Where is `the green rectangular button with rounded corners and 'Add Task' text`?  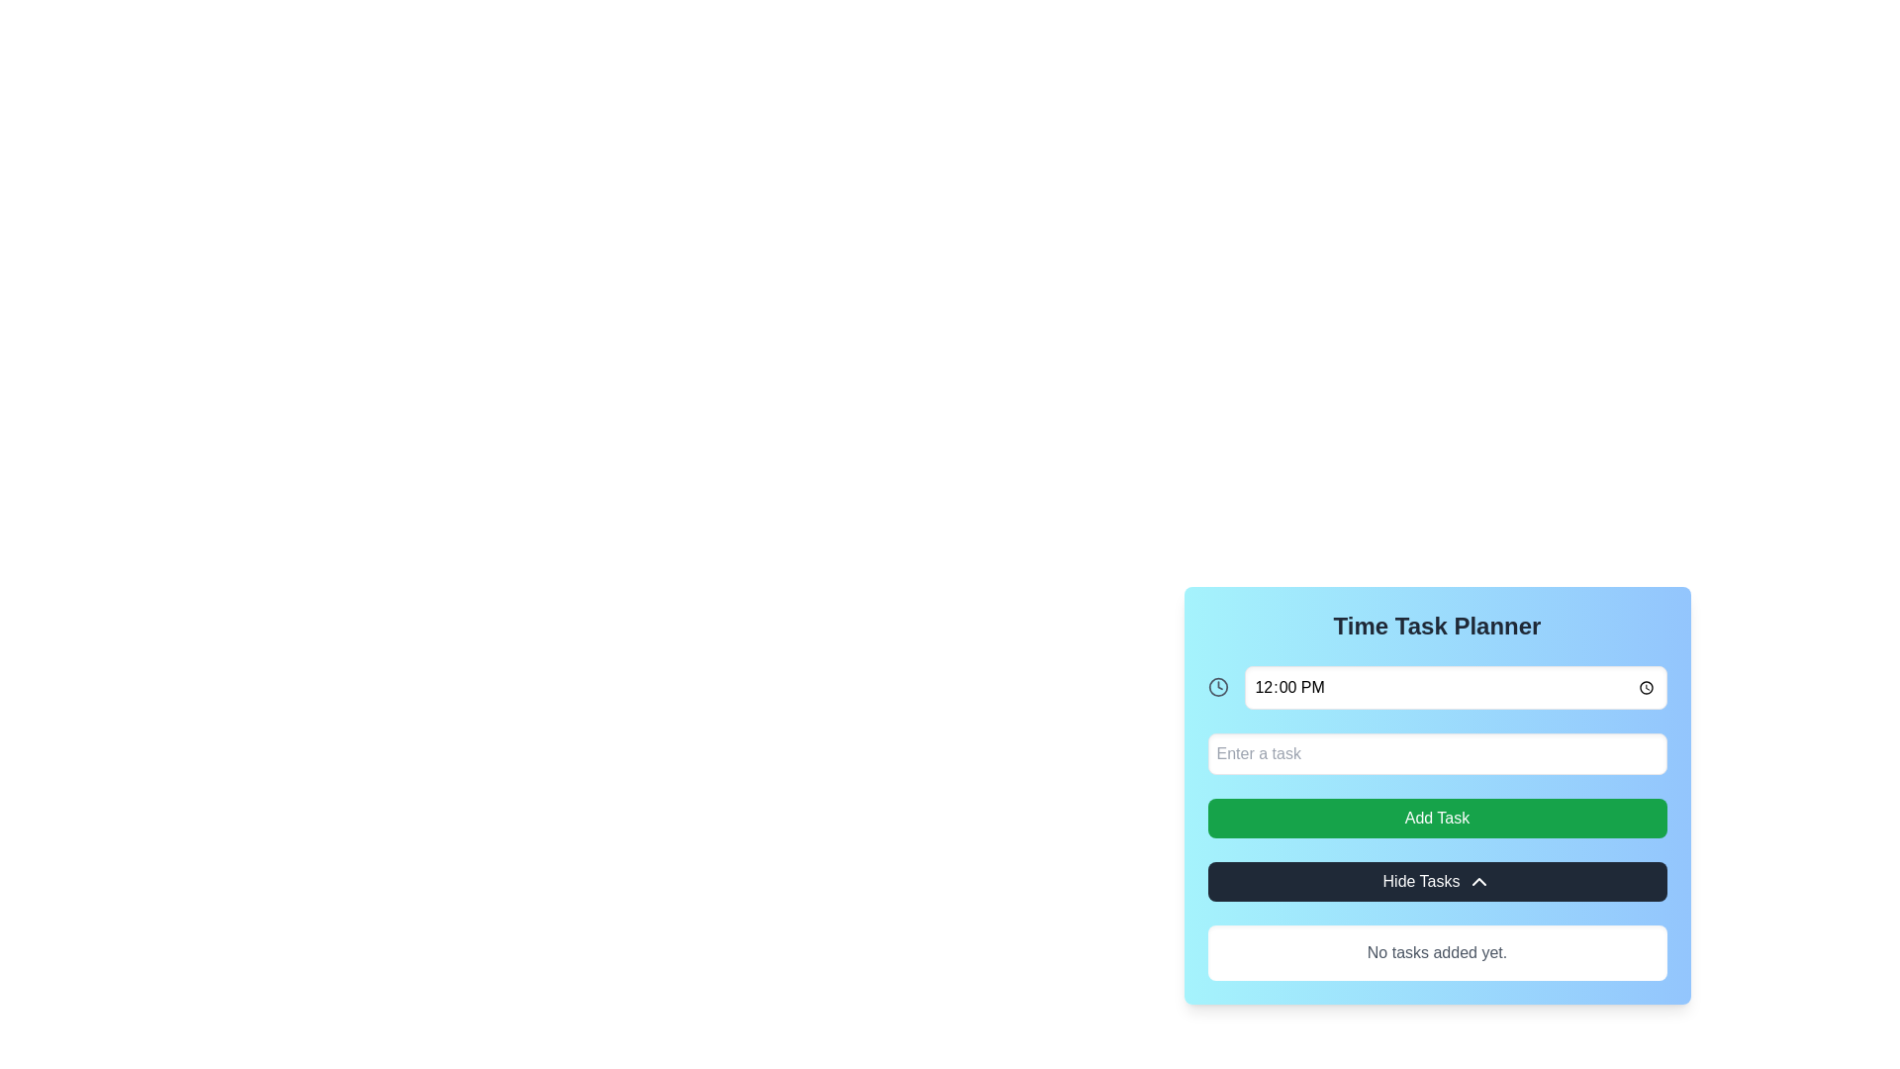 the green rectangular button with rounded corners and 'Add Task' text is located at coordinates (1437, 818).